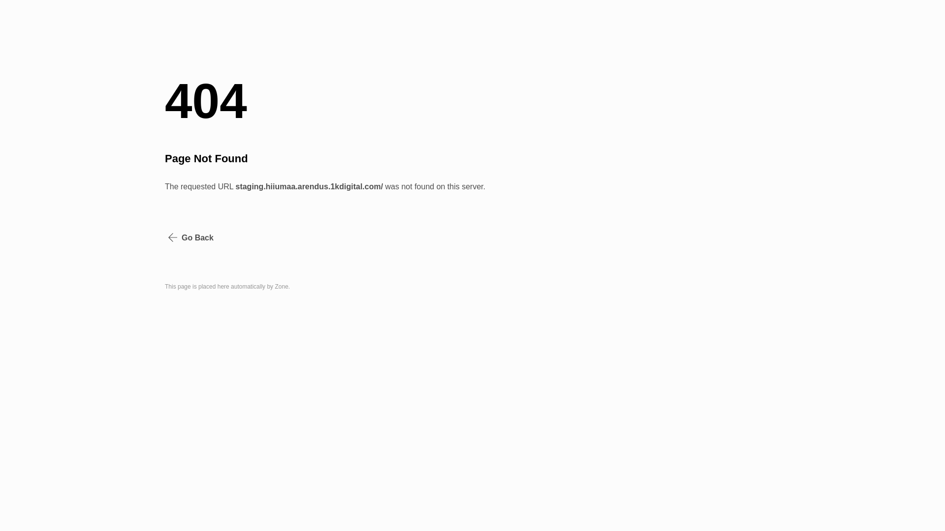  I want to click on 'Go Back', so click(190, 237).